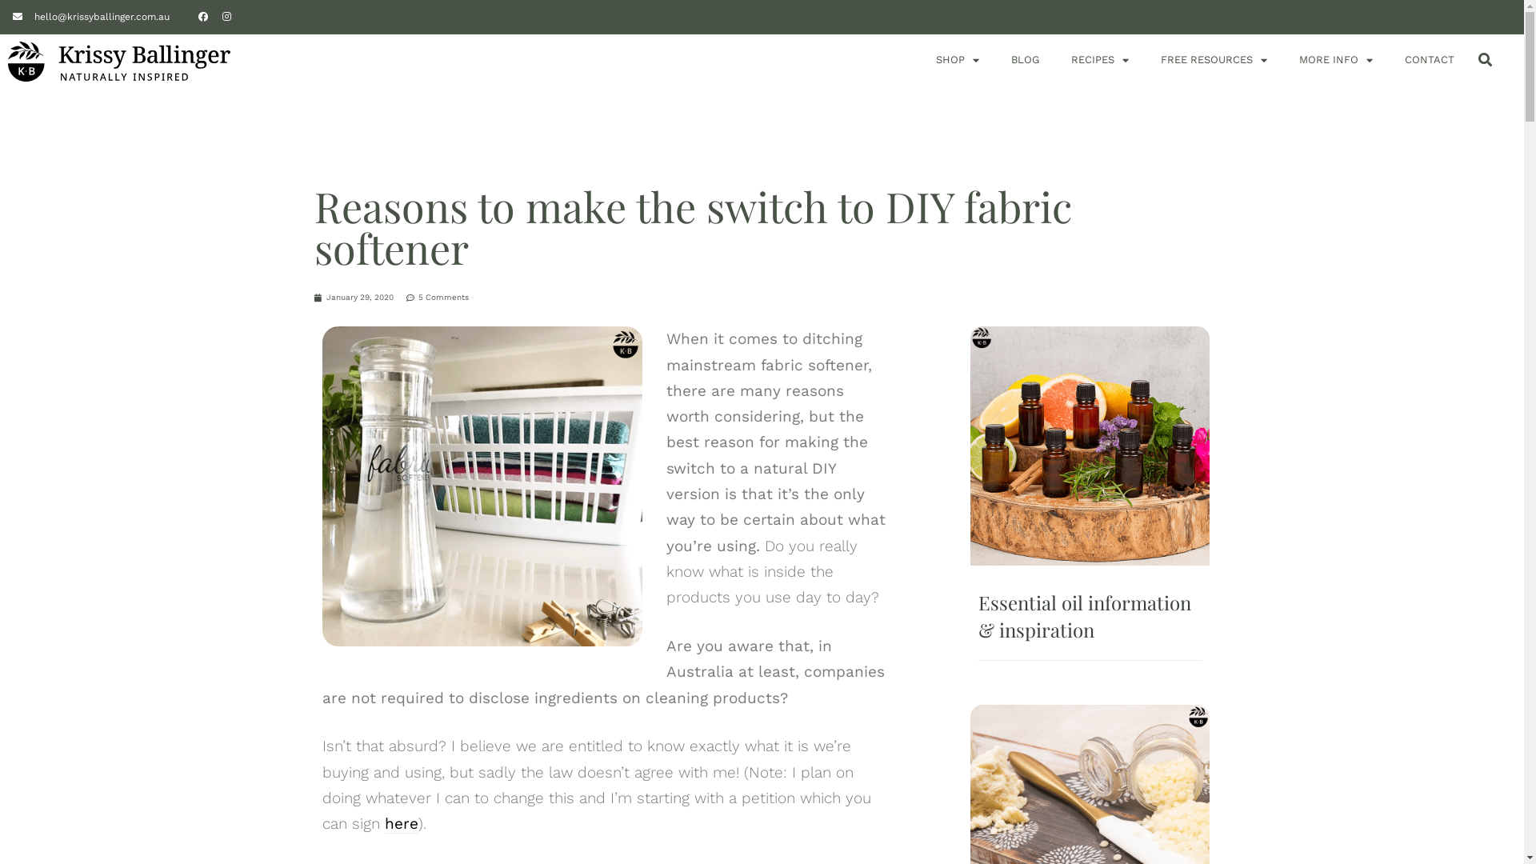 The width and height of the screenshot is (1536, 864). Describe the element at coordinates (1336, 58) in the screenshot. I see `'MORE INFO'` at that location.